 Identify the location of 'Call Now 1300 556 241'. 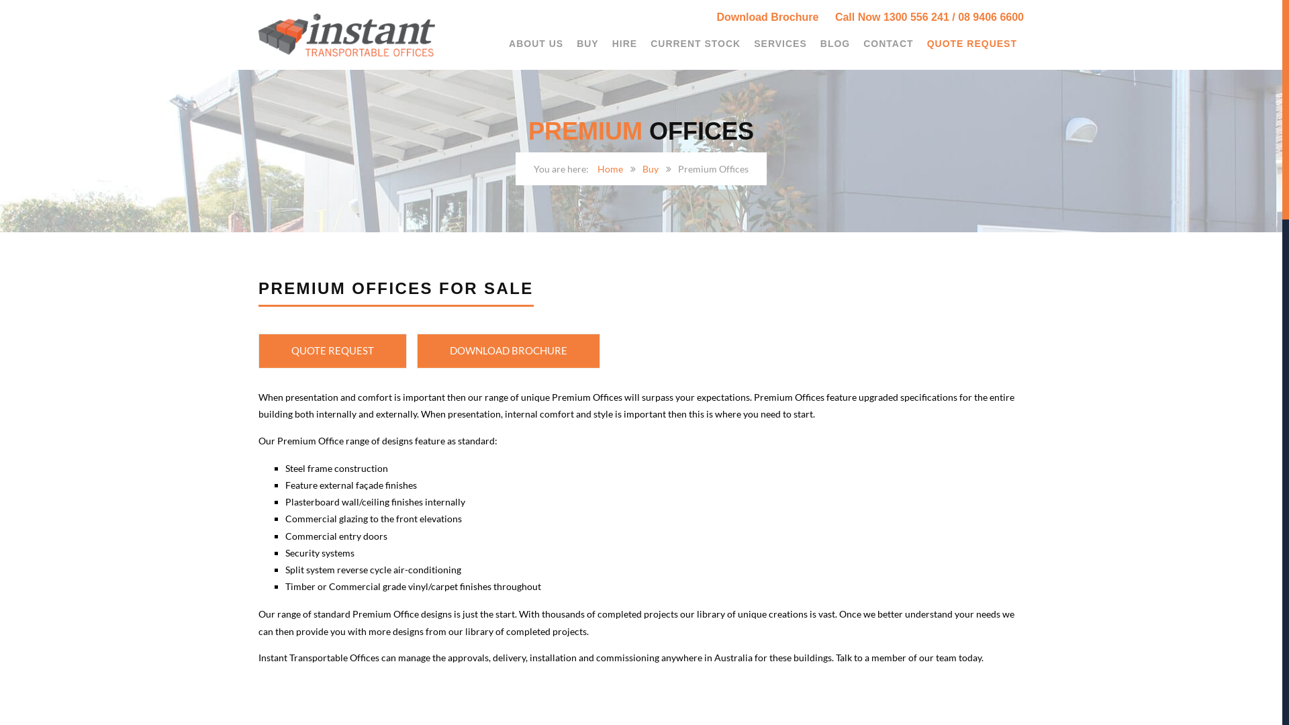
(892, 17).